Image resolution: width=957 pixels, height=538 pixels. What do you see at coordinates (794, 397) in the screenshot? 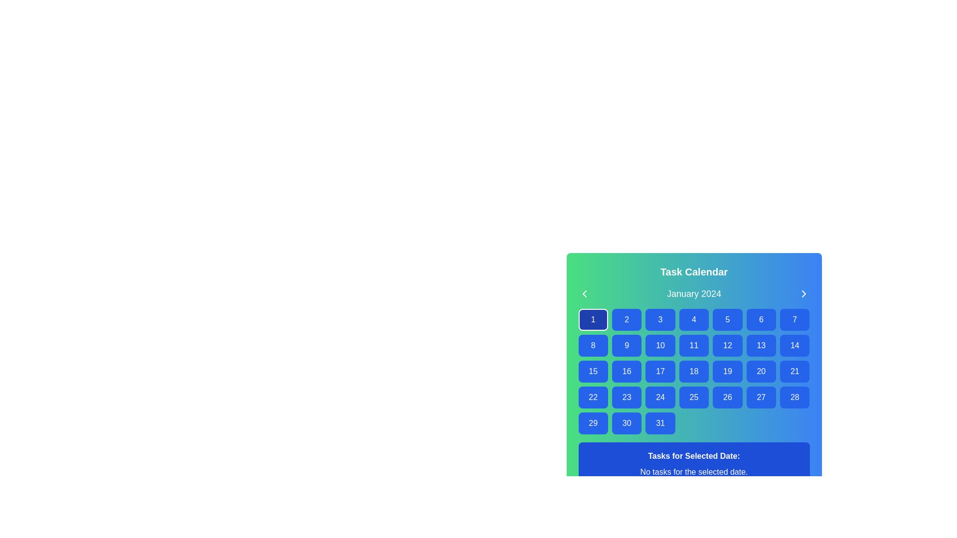
I see `the button representing the date '28' in the calendar` at bounding box center [794, 397].